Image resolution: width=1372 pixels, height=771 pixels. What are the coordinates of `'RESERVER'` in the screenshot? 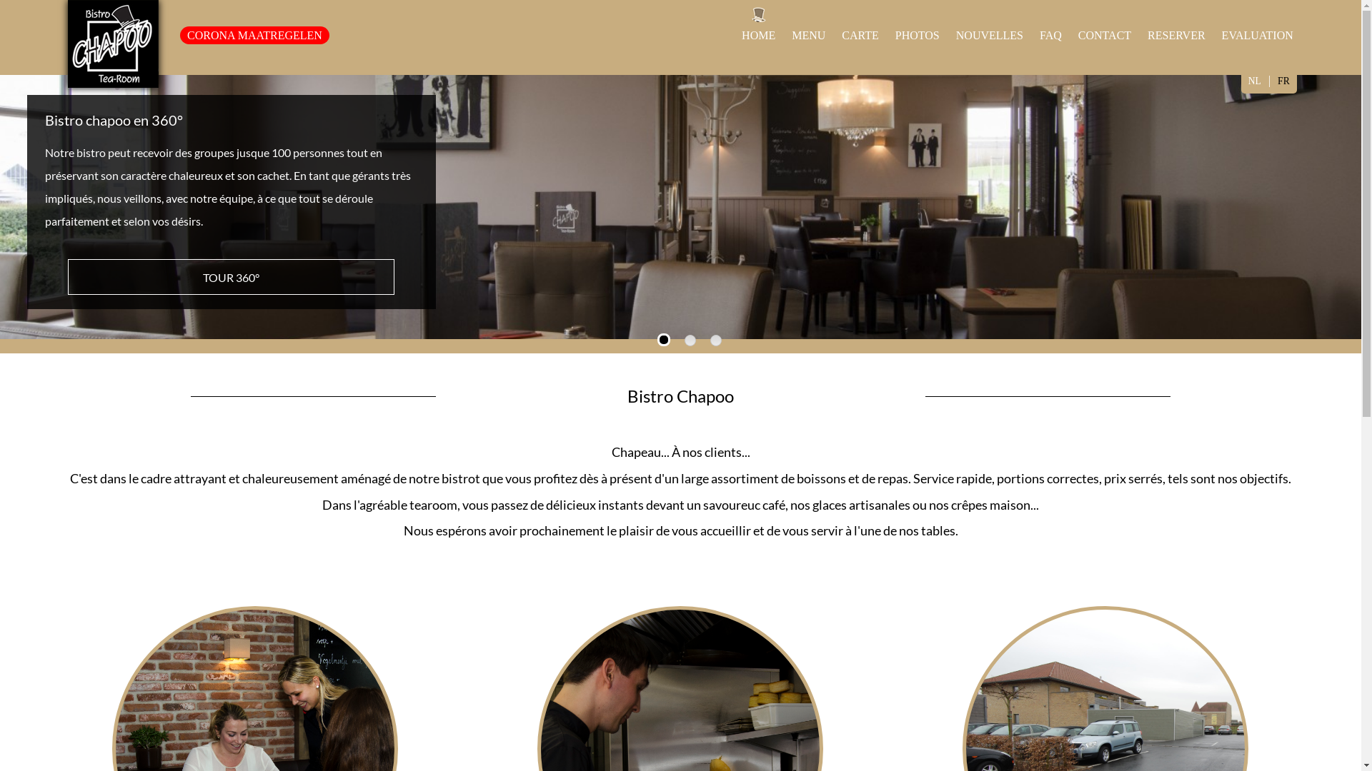 It's located at (1176, 34).